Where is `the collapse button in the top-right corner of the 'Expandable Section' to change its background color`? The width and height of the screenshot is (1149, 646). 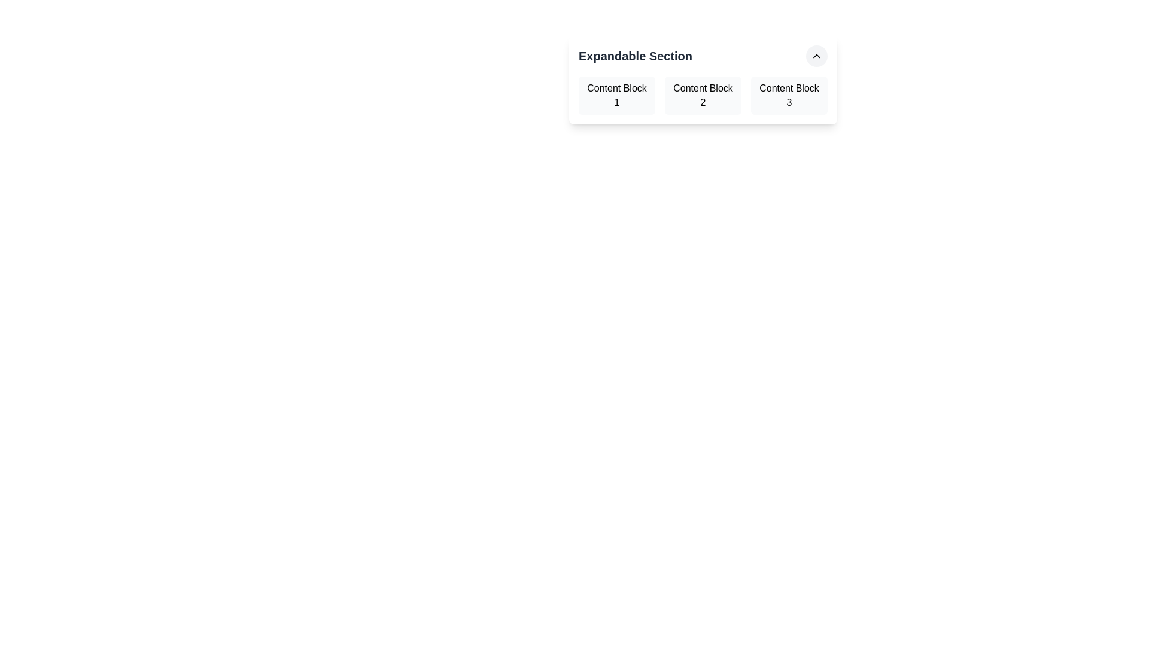 the collapse button in the top-right corner of the 'Expandable Section' to change its background color is located at coordinates (816, 56).